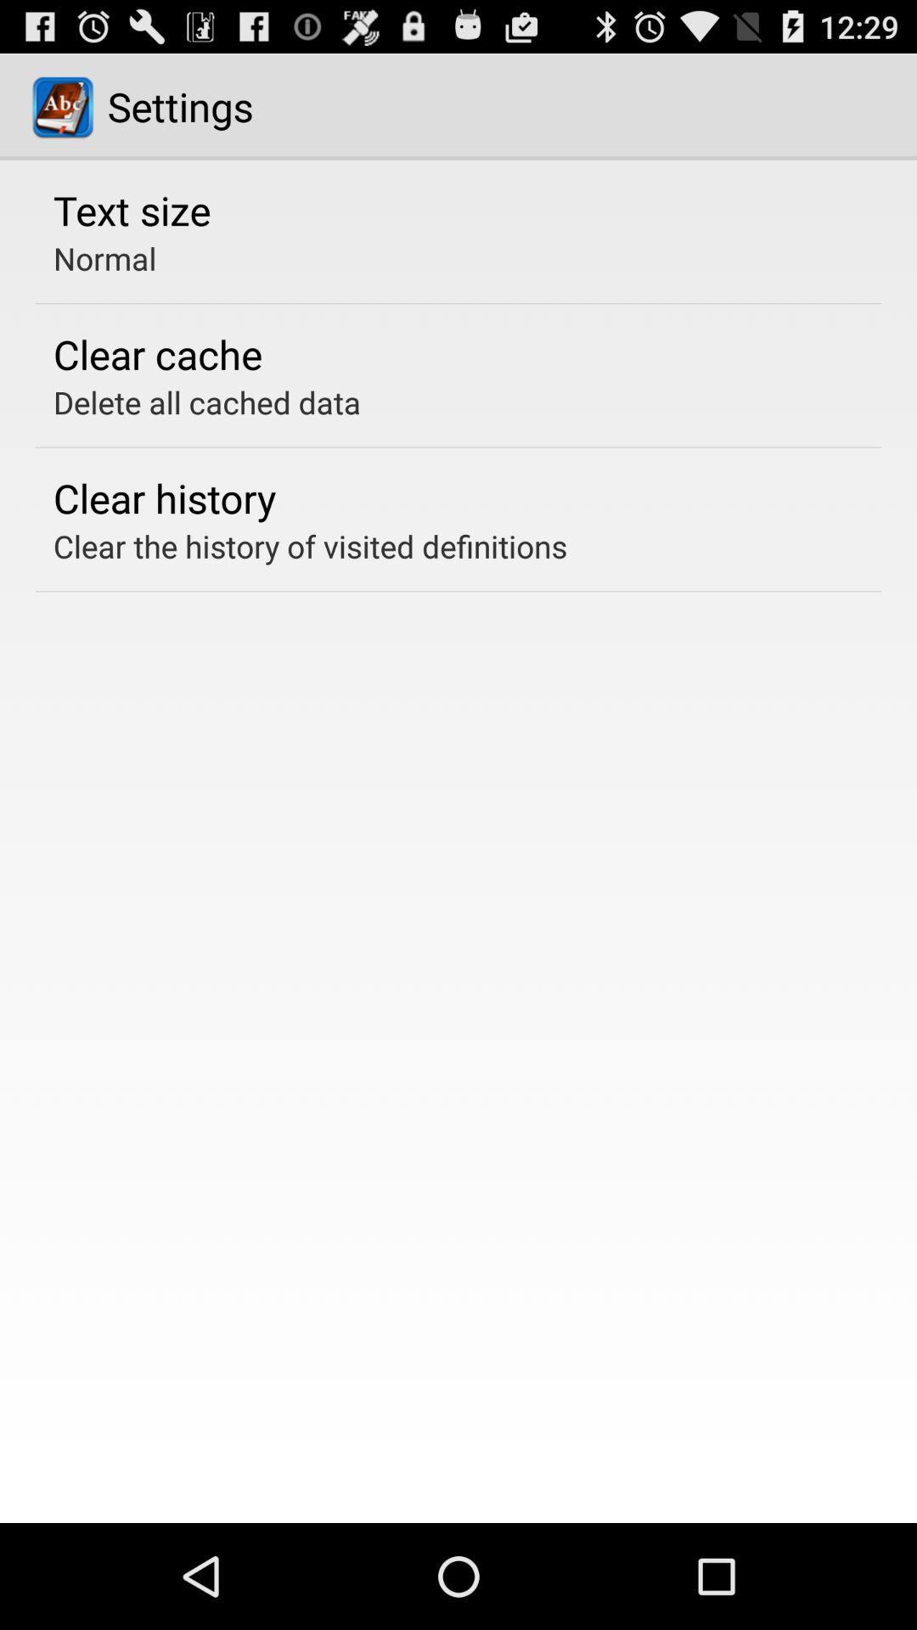 The width and height of the screenshot is (917, 1630). Describe the element at coordinates (157, 353) in the screenshot. I see `clear cache` at that location.